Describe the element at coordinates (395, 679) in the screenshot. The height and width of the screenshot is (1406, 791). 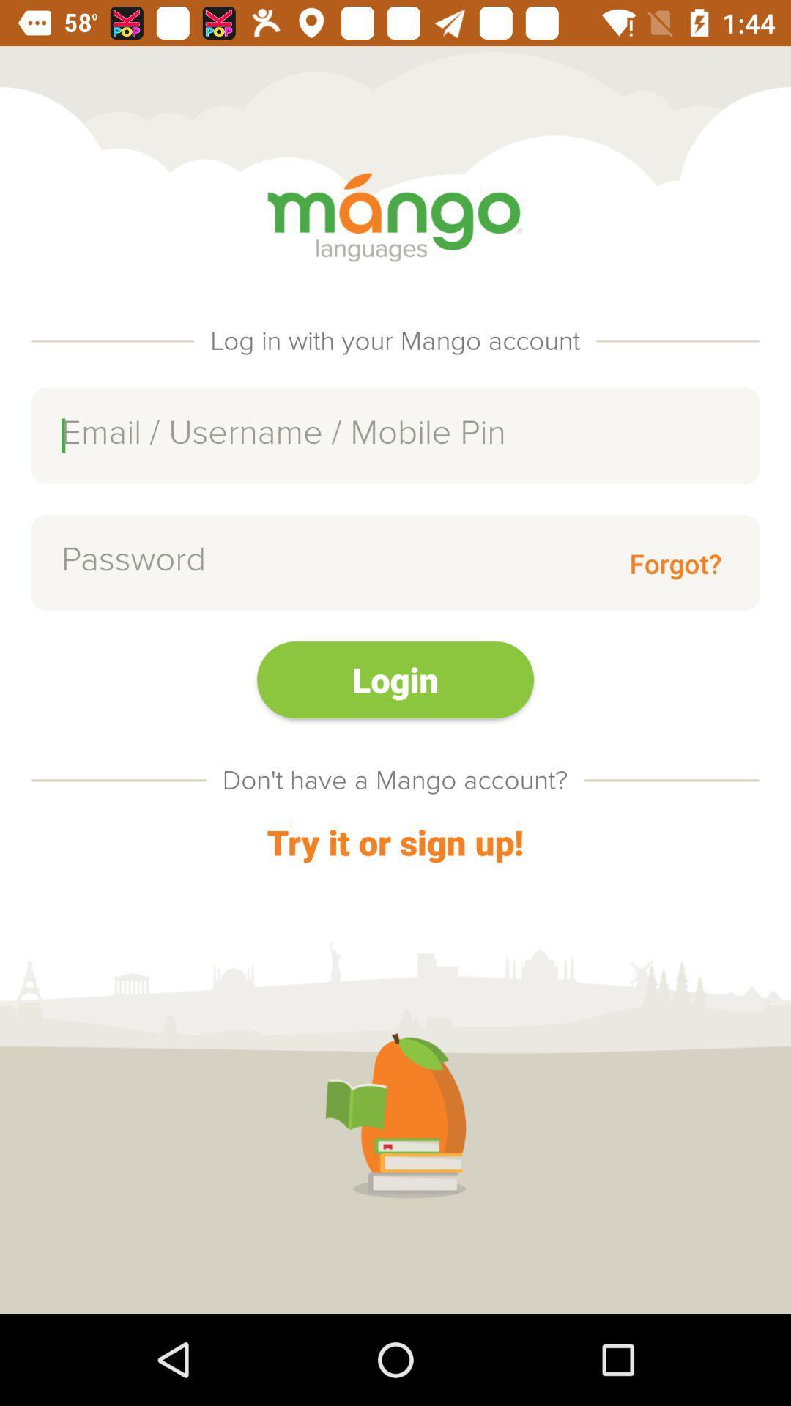
I see `the item above don t have` at that location.